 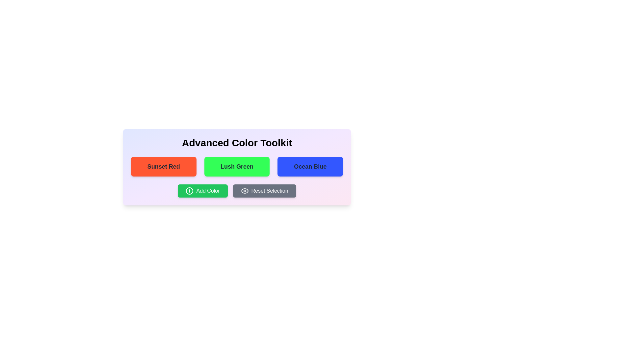 What do you see at coordinates (244, 191) in the screenshot?
I see `the eye icon located on the left side of the 'Reset Selection' button, which is styled with a simple outline and is monochromatic white over a gray background` at bounding box center [244, 191].